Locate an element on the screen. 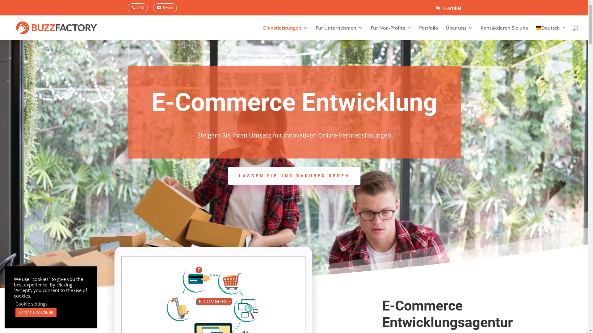 The image size is (593, 333). '0-Artikel' is located at coordinates (448, 8).